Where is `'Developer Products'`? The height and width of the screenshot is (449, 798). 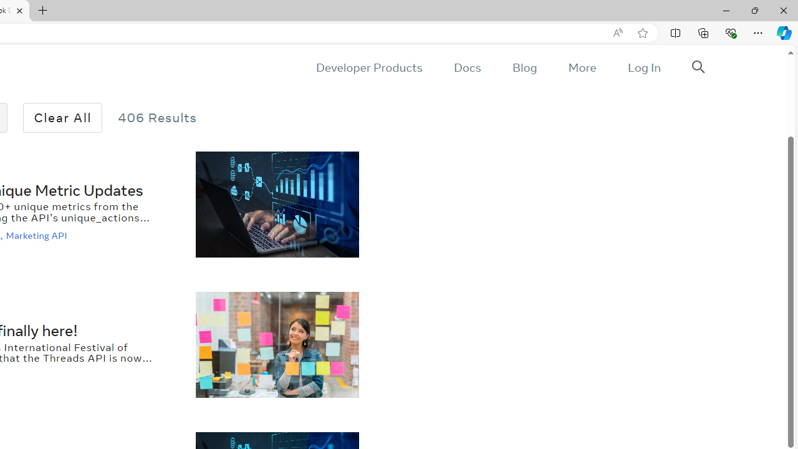
'Developer Products' is located at coordinates (368, 67).